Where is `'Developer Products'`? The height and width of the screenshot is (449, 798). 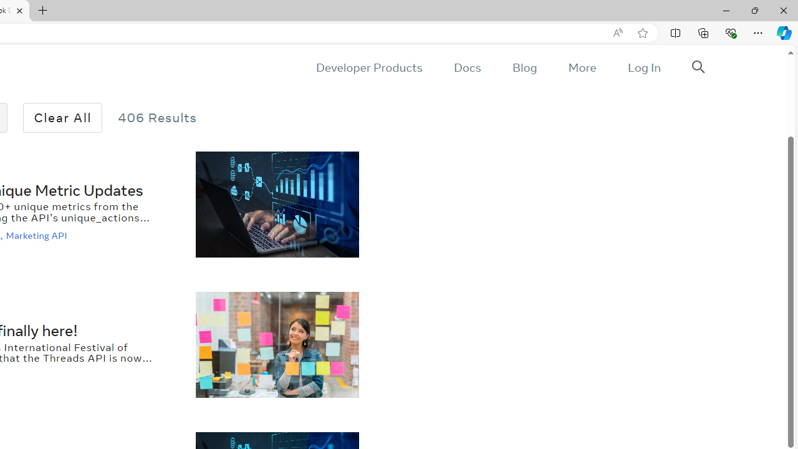
'Developer Products' is located at coordinates (368, 67).